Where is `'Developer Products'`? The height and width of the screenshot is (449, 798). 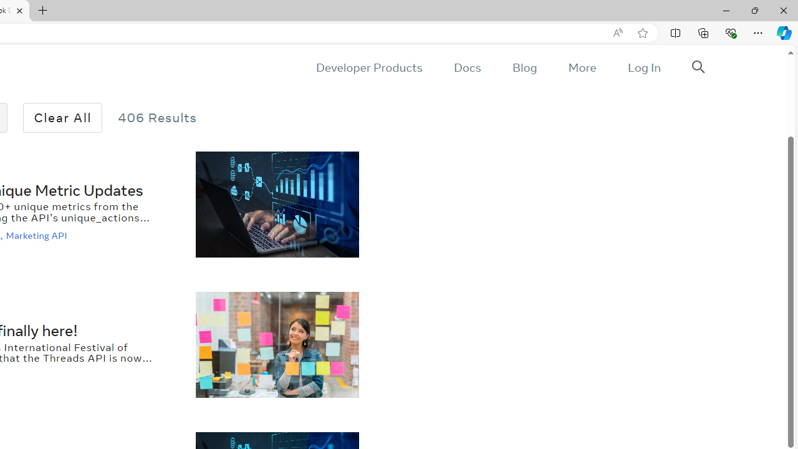
'Developer Products' is located at coordinates (368, 67).